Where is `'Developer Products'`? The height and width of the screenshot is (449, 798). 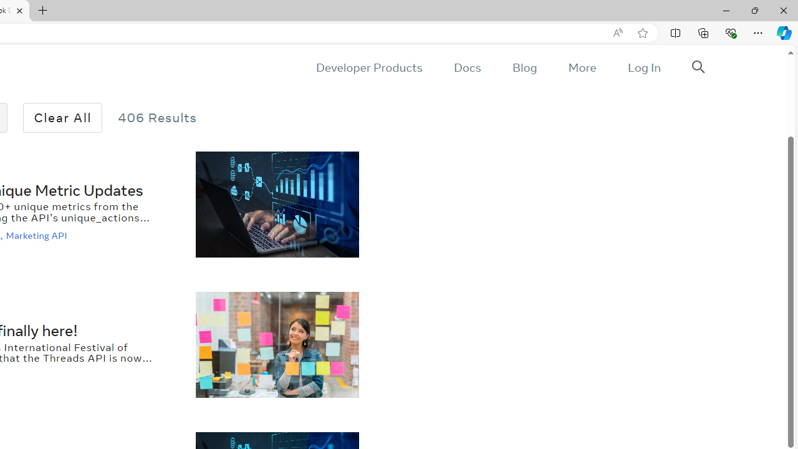
'Developer Products' is located at coordinates (368, 67).